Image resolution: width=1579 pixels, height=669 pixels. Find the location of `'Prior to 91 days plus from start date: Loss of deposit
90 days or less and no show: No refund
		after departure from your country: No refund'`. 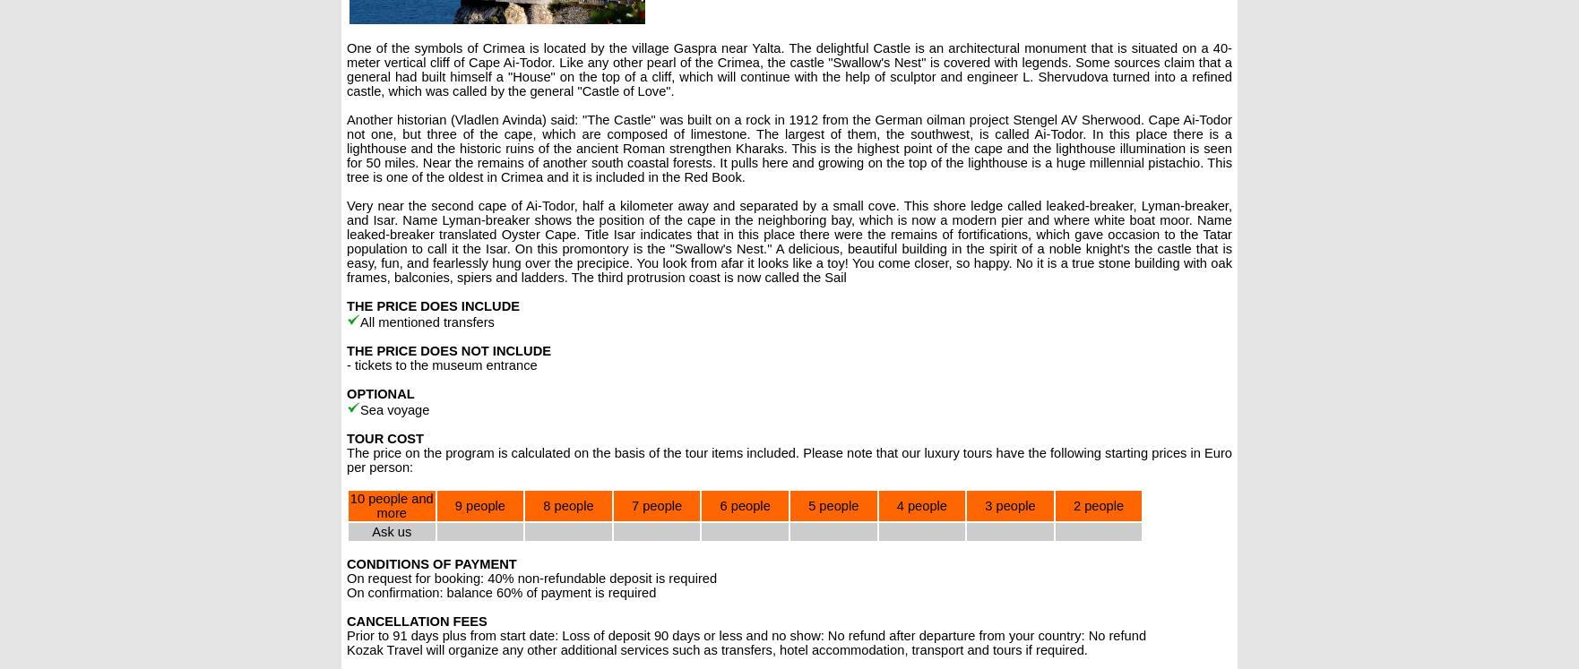

'Prior to 91 days plus from start date: Loss of deposit
90 days or less and no show: No refund
		after departure from your country: No refund' is located at coordinates (746, 635).